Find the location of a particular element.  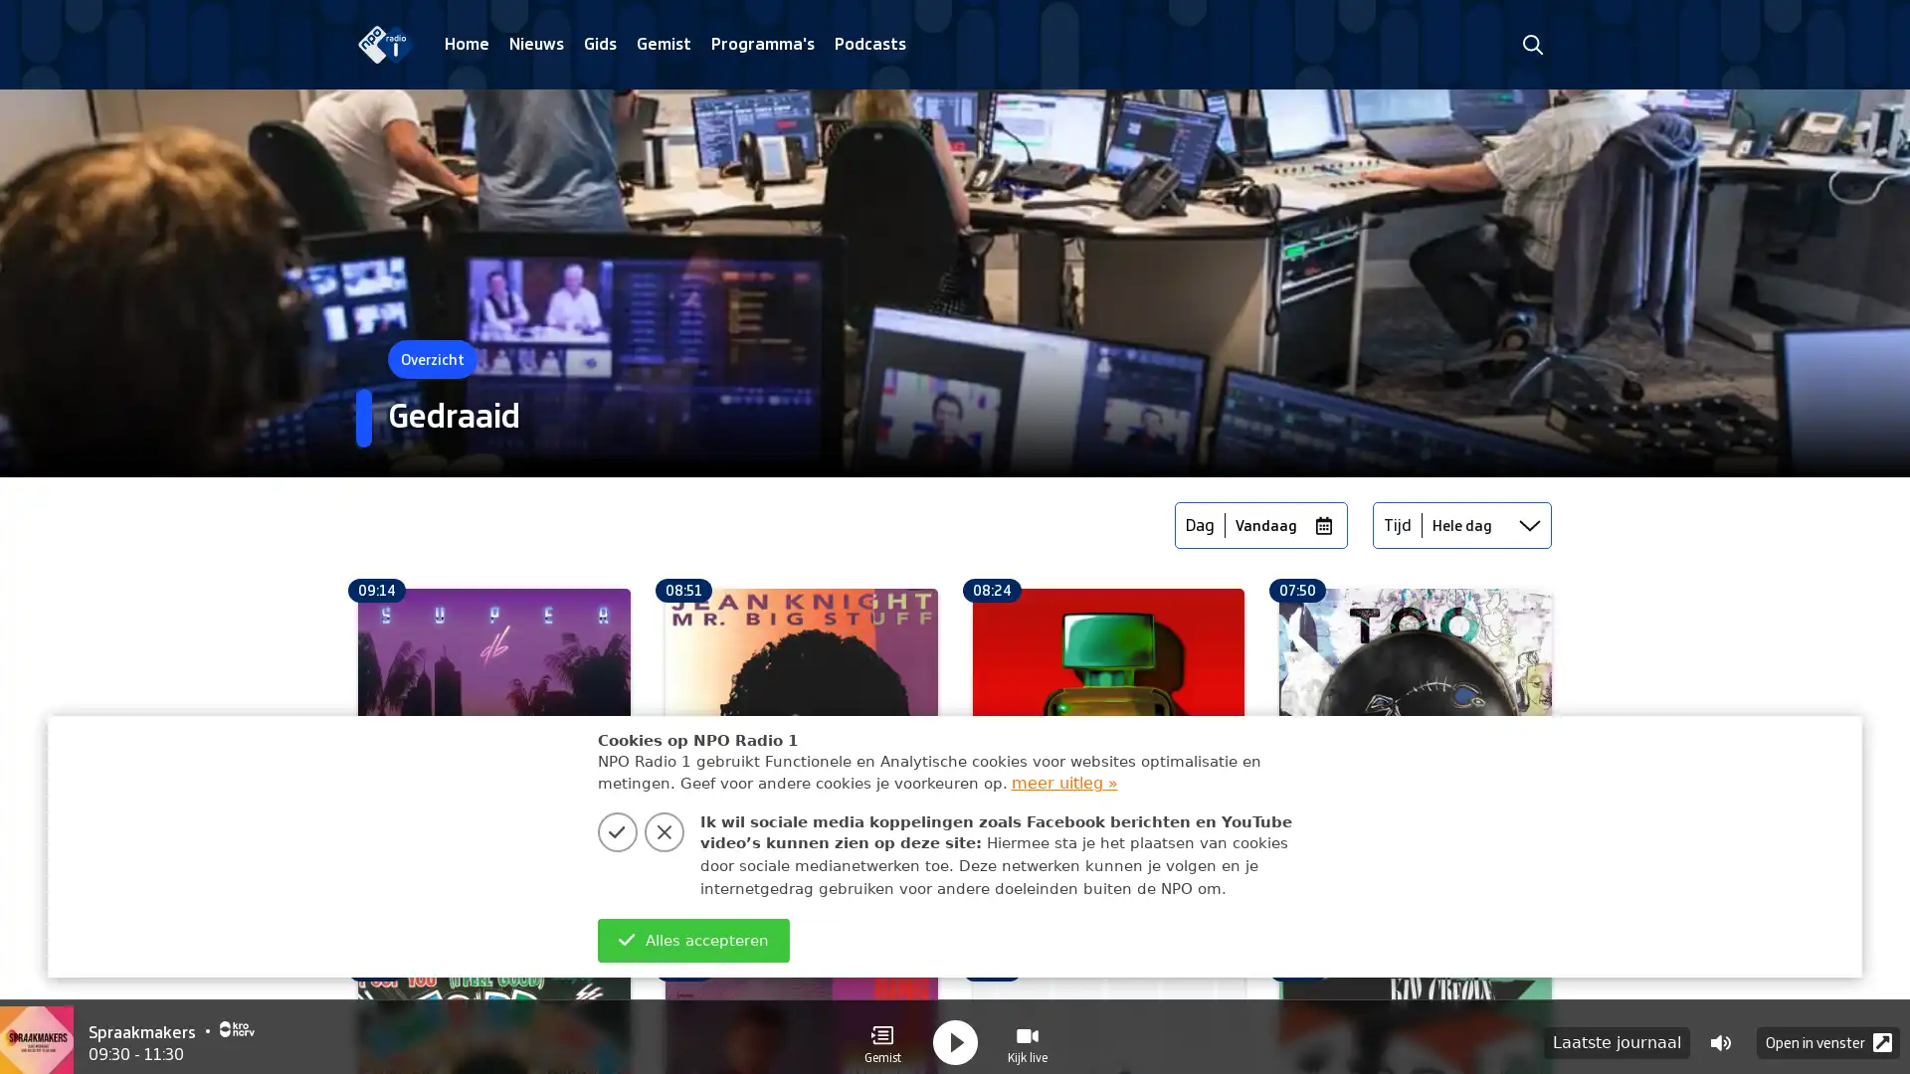

Open in venster Popup Icon is located at coordinates (1828, 1030).